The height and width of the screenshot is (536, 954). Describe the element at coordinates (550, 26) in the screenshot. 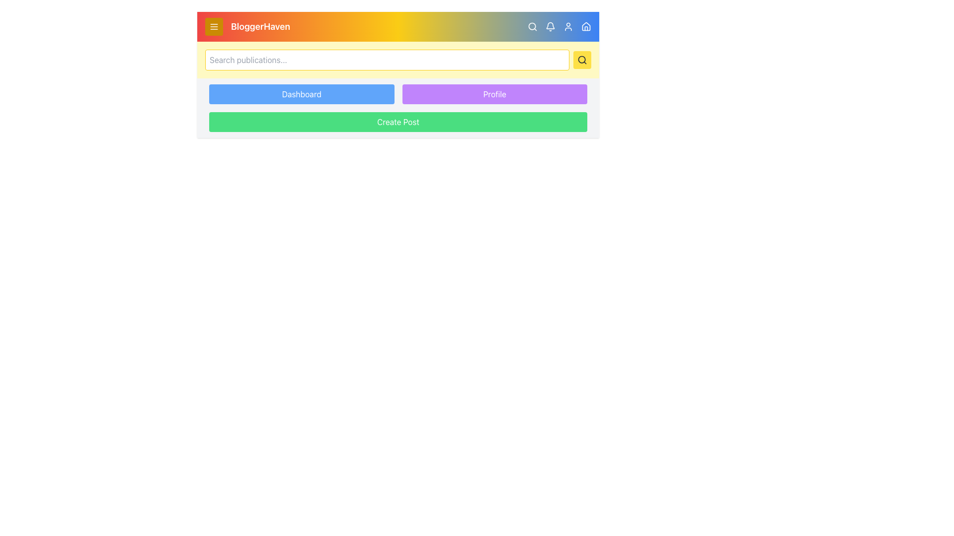

I see `the bell icon located in the top-right section of the navigation bar` at that location.